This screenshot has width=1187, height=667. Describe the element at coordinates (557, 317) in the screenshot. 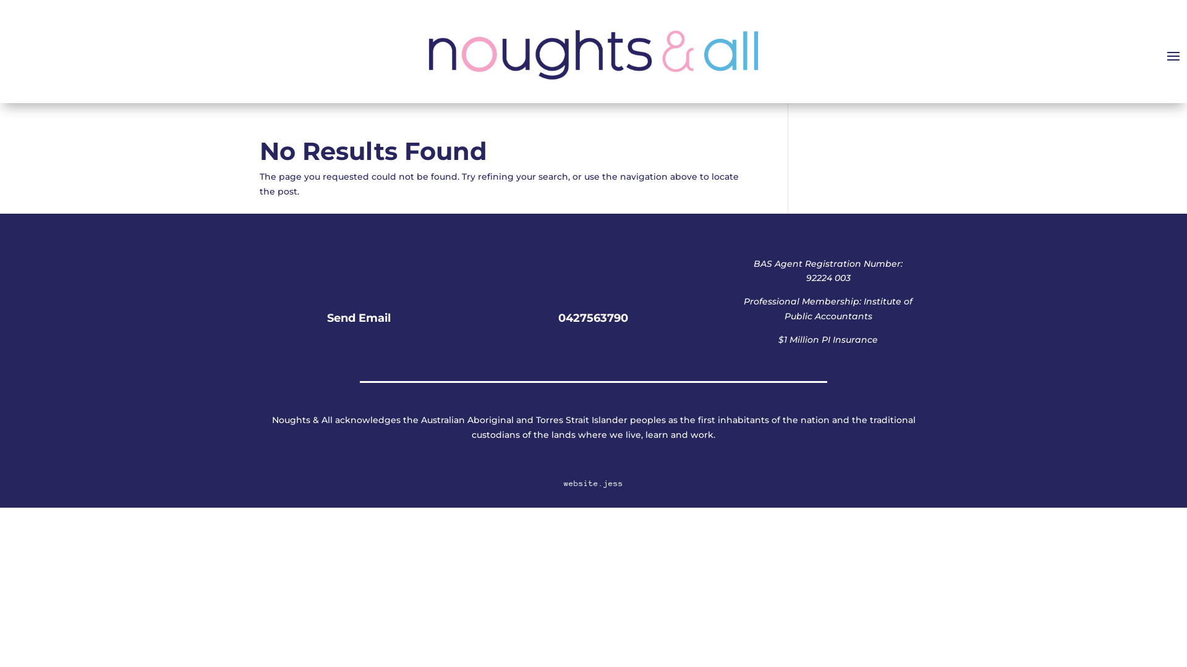

I see `'0427563790'` at that location.